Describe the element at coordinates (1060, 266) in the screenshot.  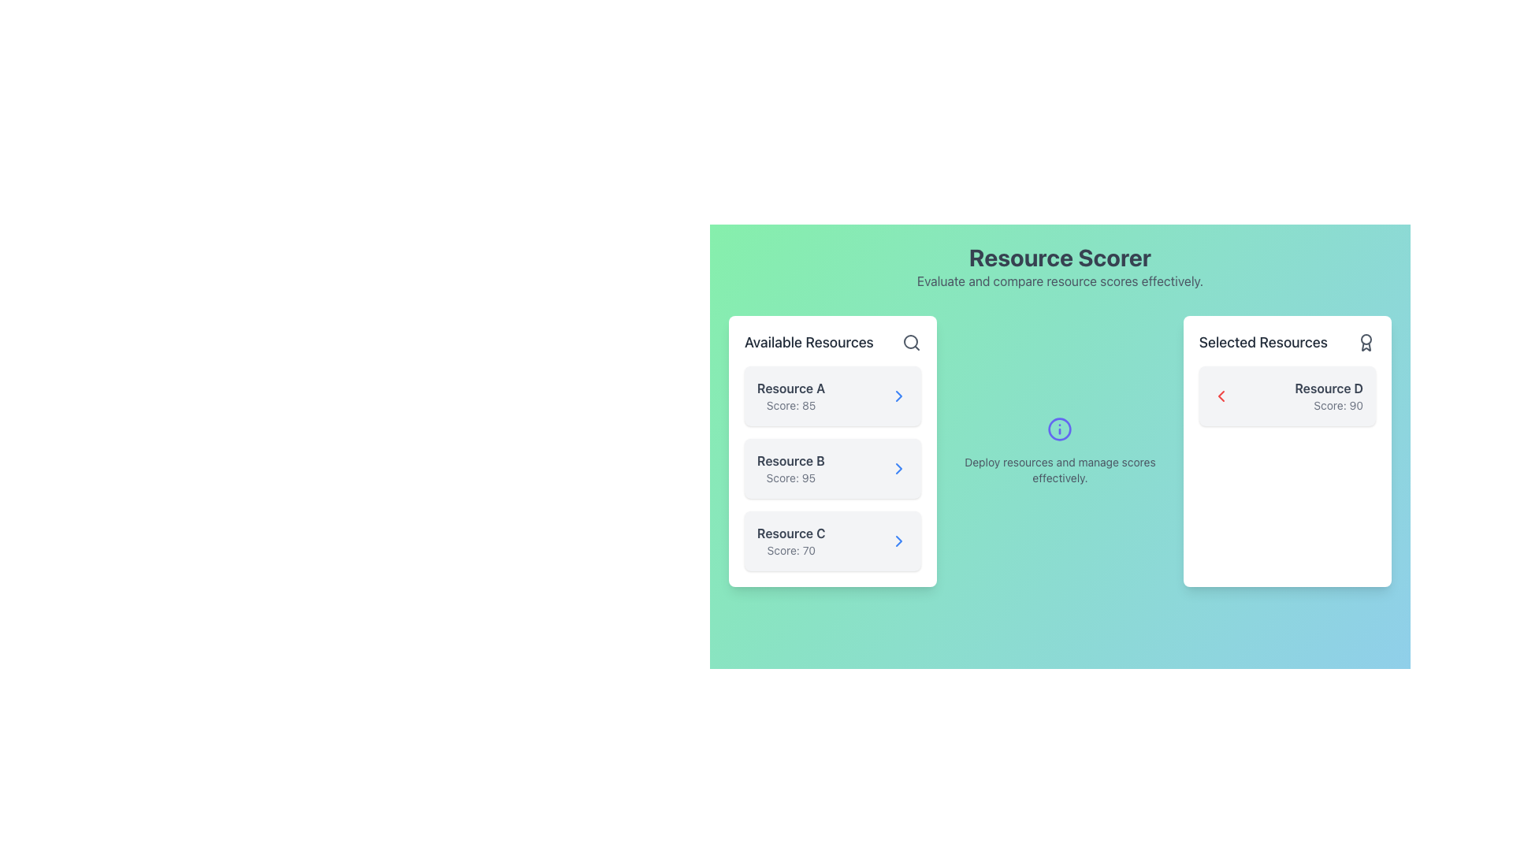
I see `the Header section titled 'Resource Scorer' with the subtitle 'Evaluate and compare resource scores effectively' to potentially reveal additional tooltips or interactions` at that location.